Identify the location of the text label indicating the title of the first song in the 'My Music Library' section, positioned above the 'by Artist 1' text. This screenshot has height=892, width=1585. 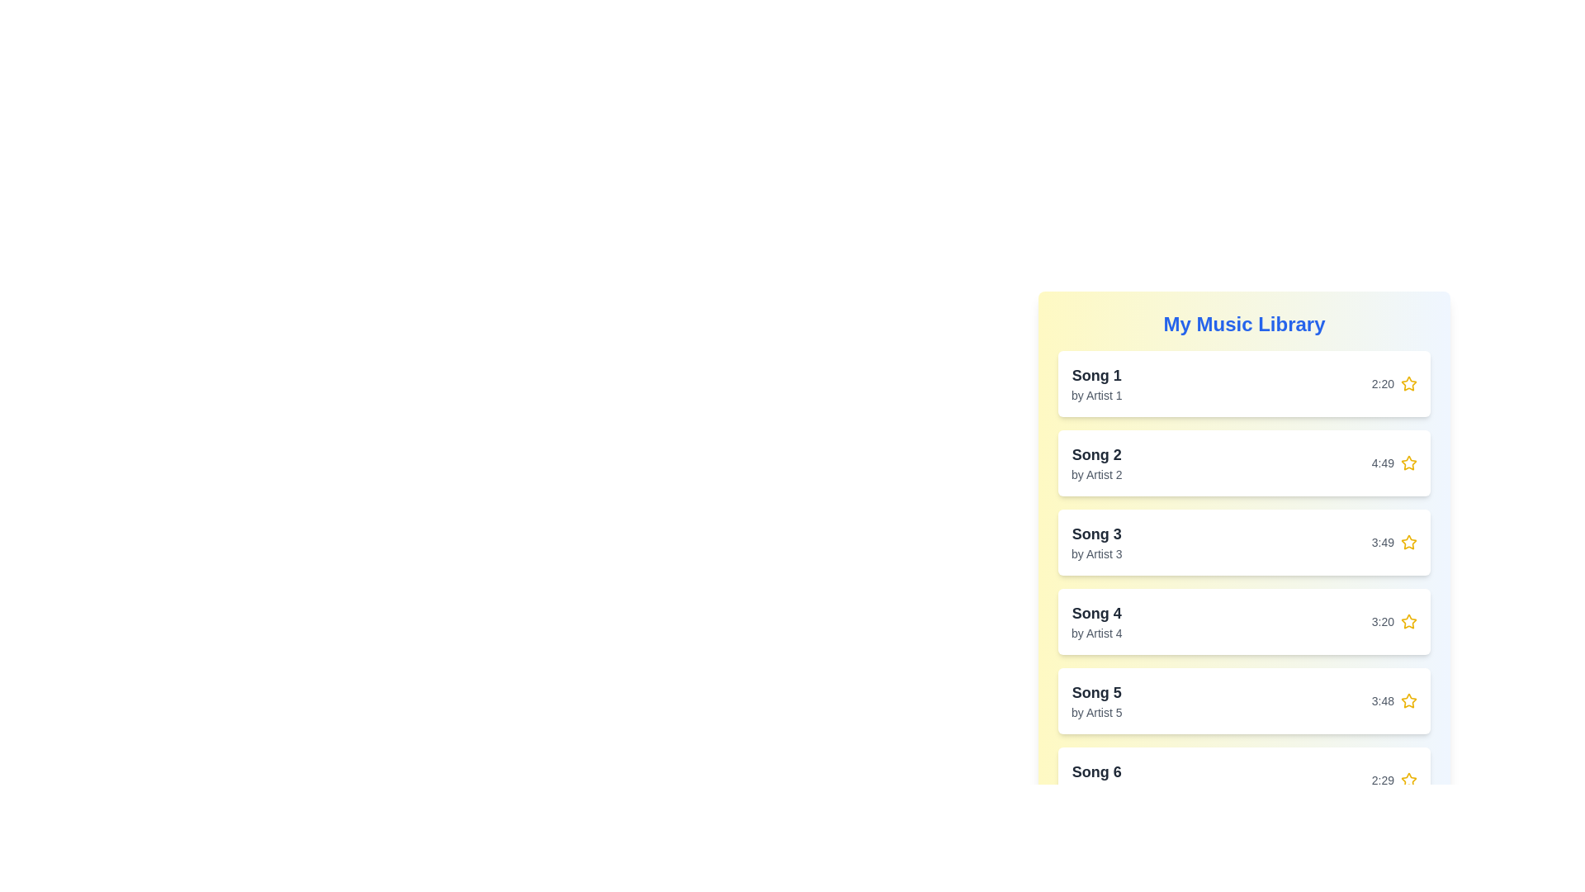
(1096, 376).